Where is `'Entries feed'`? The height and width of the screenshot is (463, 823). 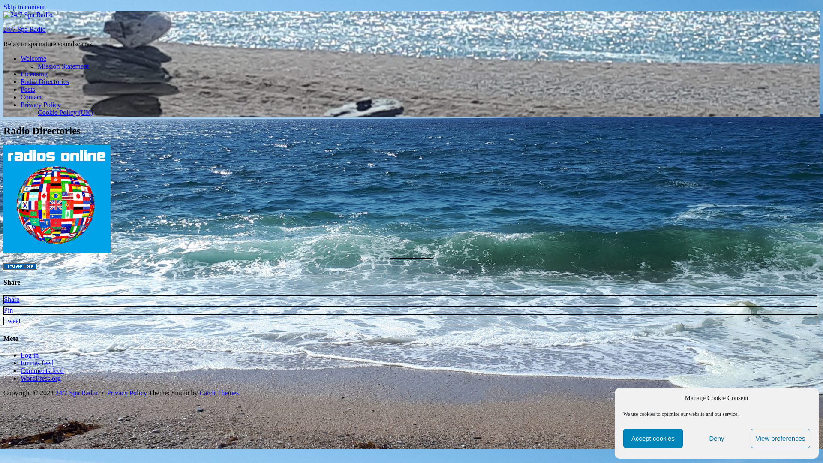 'Entries feed' is located at coordinates (36, 363).